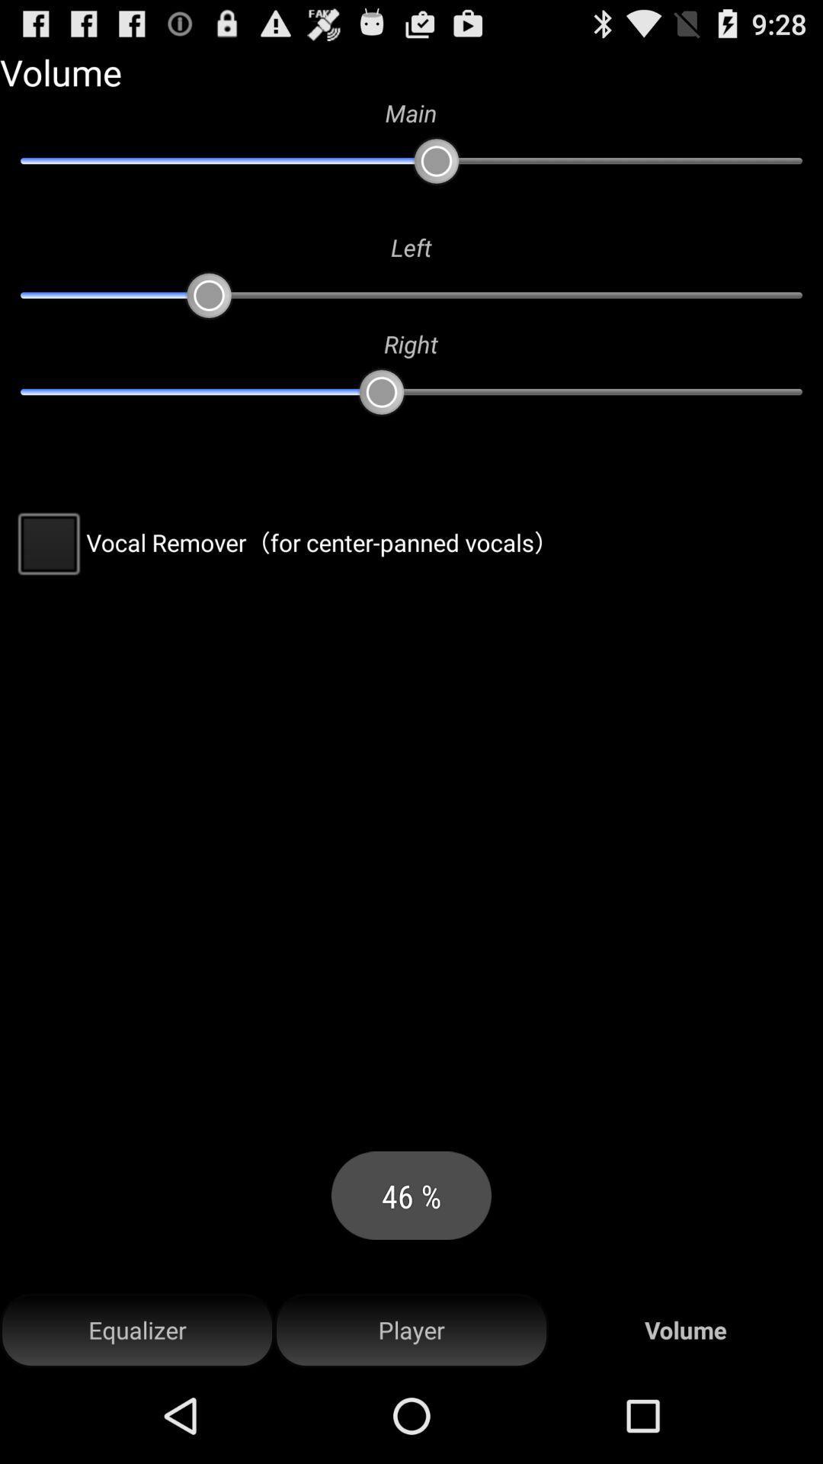  What do you see at coordinates (411, 1330) in the screenshot?
I see `item to the left of volume` at bounding box center [411, 1330].